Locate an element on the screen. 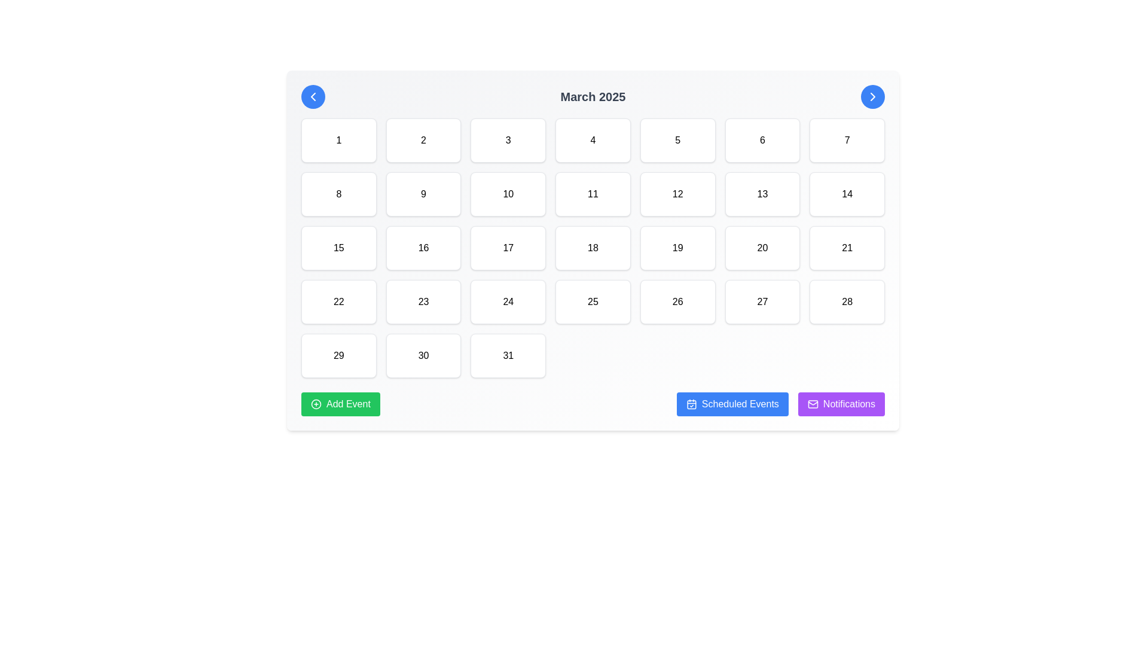  the first day card in the calendar view is located at coordinates (338, 140).